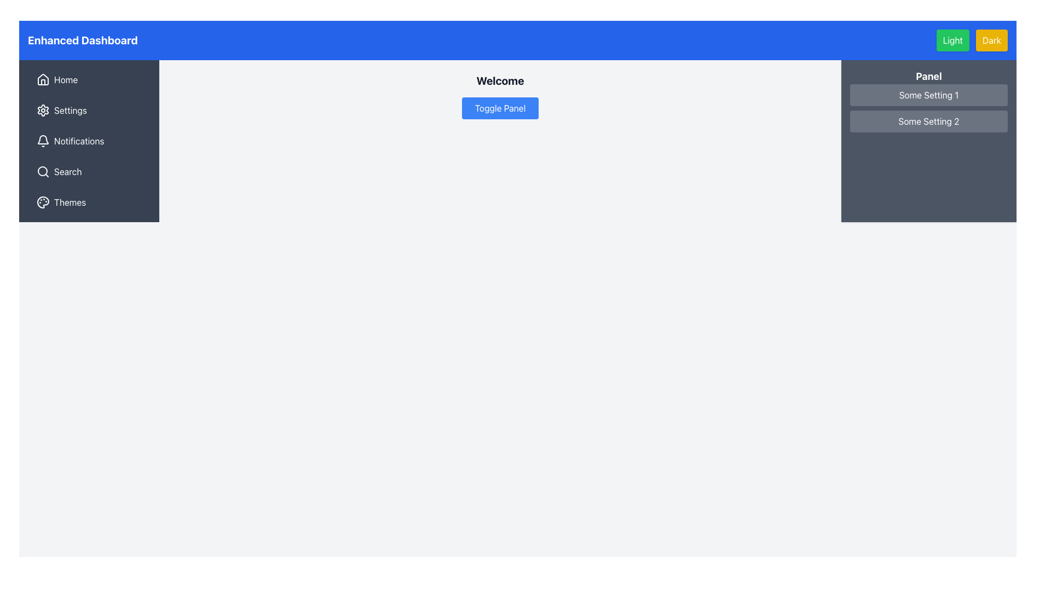 Image resolution: width=1051 pixels, height=591 pixels. I want to click on the 'Settings' text label, which is styled in white against a dark background and is the second item in the vertical navigation menu, so click(70, 110).